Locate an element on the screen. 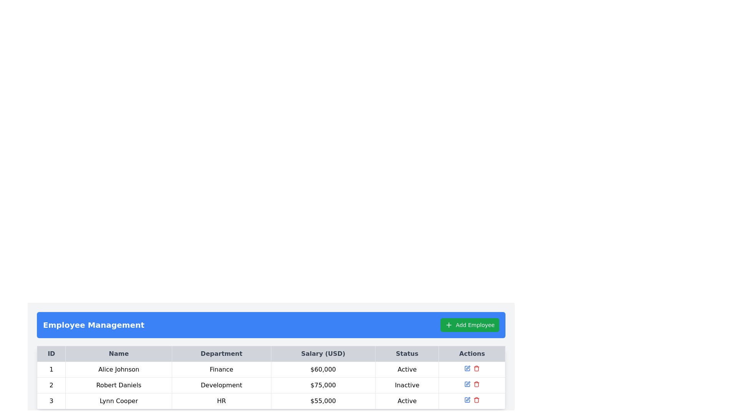 The width and height of the screenshot is (738, 415). the 'Add Employee' button, which is styled with a green background and white text, located within the 'Employee Management' section is located at coordinates (469, 325).